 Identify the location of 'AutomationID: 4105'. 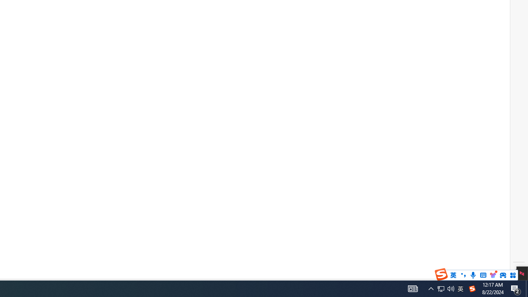
(412, 288).